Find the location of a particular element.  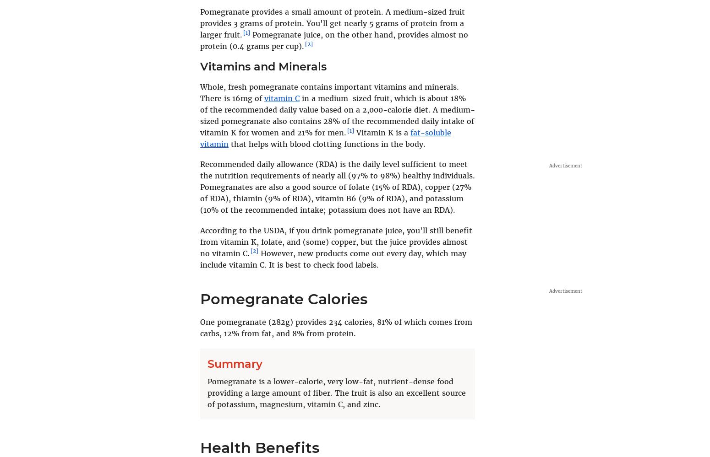

'One pomegranate (282g) provides 234 calories, 81% of which comes from carbs, 12% from fat, and 8% from protein.' is located at coordinates (336, 328).